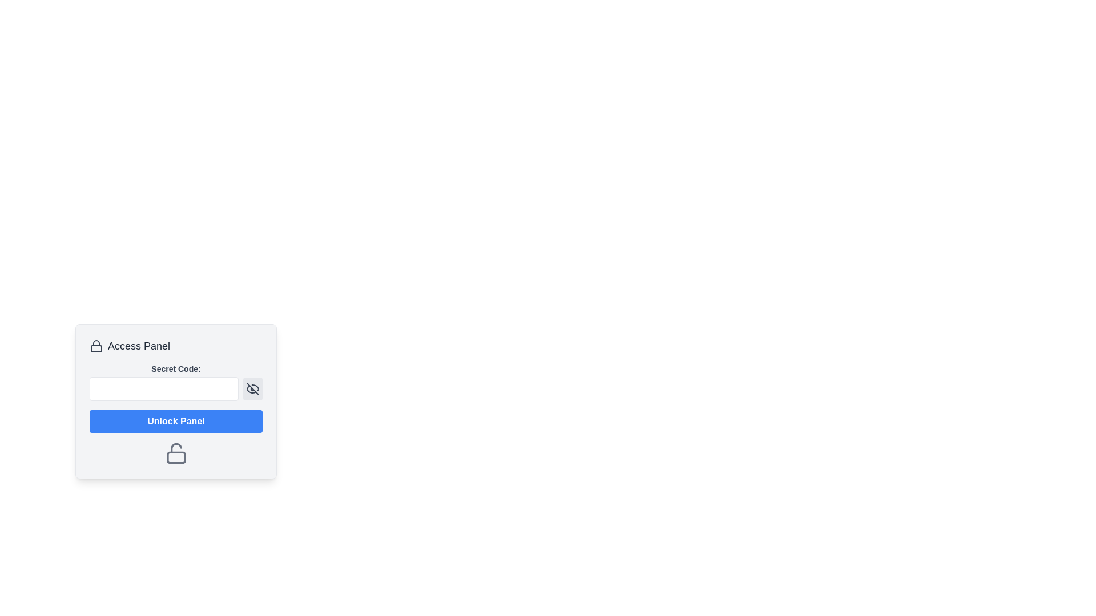 The image size is (1096, 616). I want to click on the unlock state icon positioned below the 'Unlock Panel' button, which serves as a visual cue for unlocking functionality, so click(175, 452).